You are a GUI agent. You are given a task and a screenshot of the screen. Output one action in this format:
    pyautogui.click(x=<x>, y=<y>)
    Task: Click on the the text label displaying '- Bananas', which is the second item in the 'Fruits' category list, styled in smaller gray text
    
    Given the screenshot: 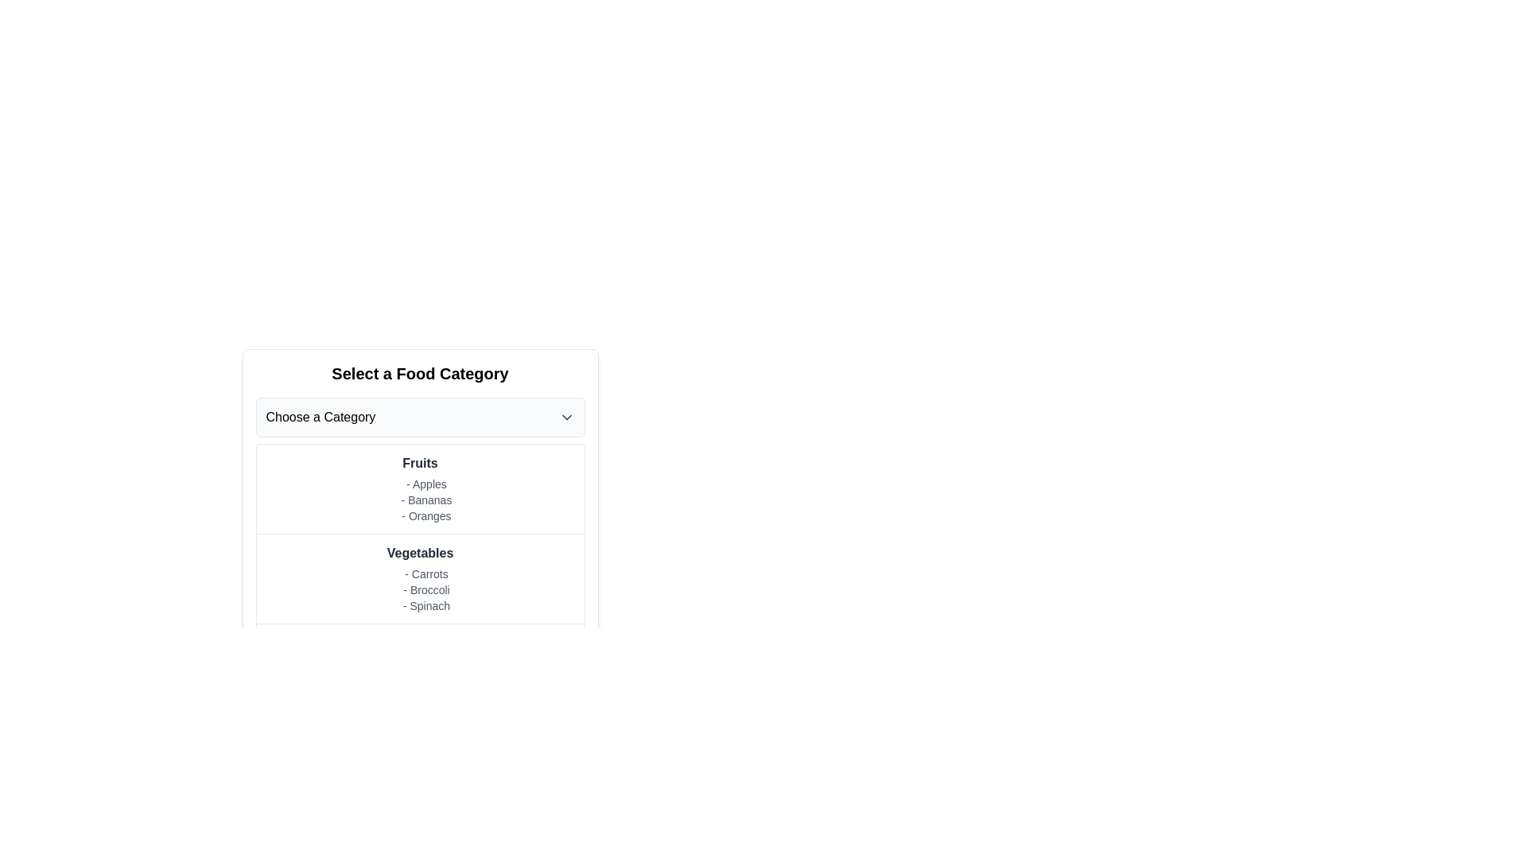 What is the action you would take?
    pyautogui.click(x=426, y=499)
    